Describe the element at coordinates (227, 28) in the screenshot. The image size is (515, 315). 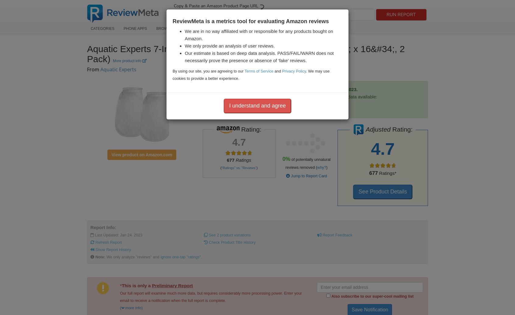
I see `'How It Works'` at that location.